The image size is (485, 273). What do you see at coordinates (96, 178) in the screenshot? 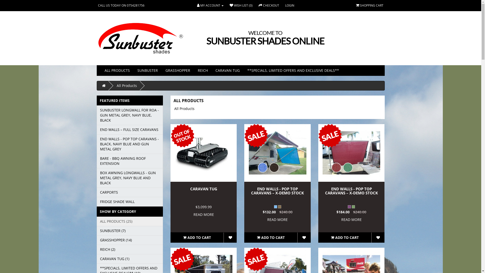
I see `'BOX AWNING LONGWALLS - GUN METAL GREY, NAVY BLUE AND BLACK'` at bounding box center [96, 178].